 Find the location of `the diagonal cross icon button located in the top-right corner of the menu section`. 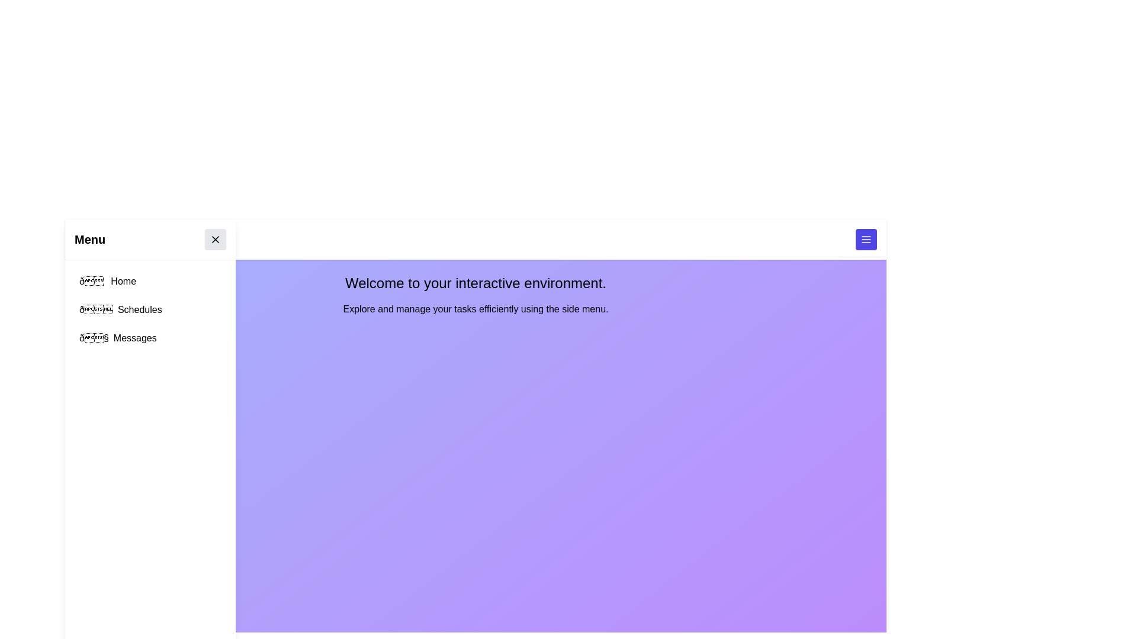

the diagonal cross icon button located in the top-right corner of the menu section is located at coordinates (216, 240).